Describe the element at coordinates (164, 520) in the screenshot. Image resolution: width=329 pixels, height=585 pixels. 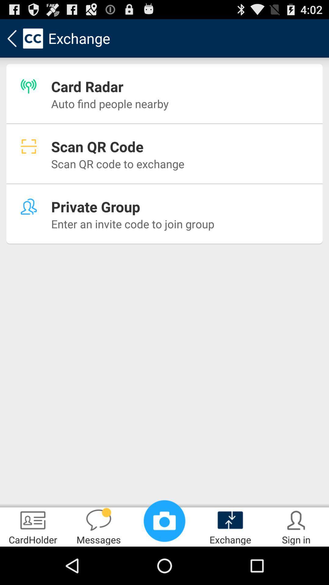
I see `the item below the enter an invite item` at that location.